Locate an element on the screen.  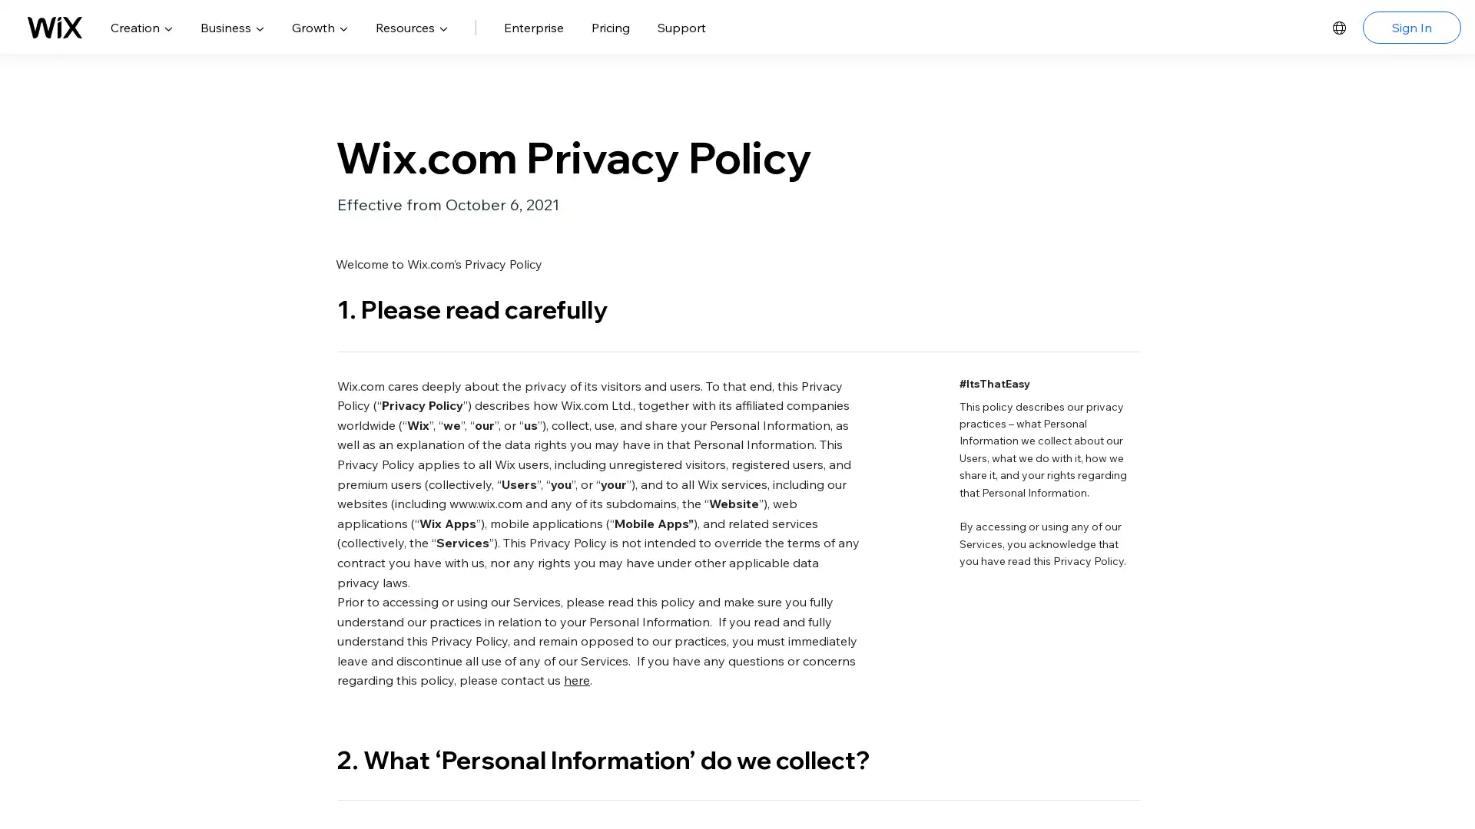
Growth is located at coordinates (319, 26).